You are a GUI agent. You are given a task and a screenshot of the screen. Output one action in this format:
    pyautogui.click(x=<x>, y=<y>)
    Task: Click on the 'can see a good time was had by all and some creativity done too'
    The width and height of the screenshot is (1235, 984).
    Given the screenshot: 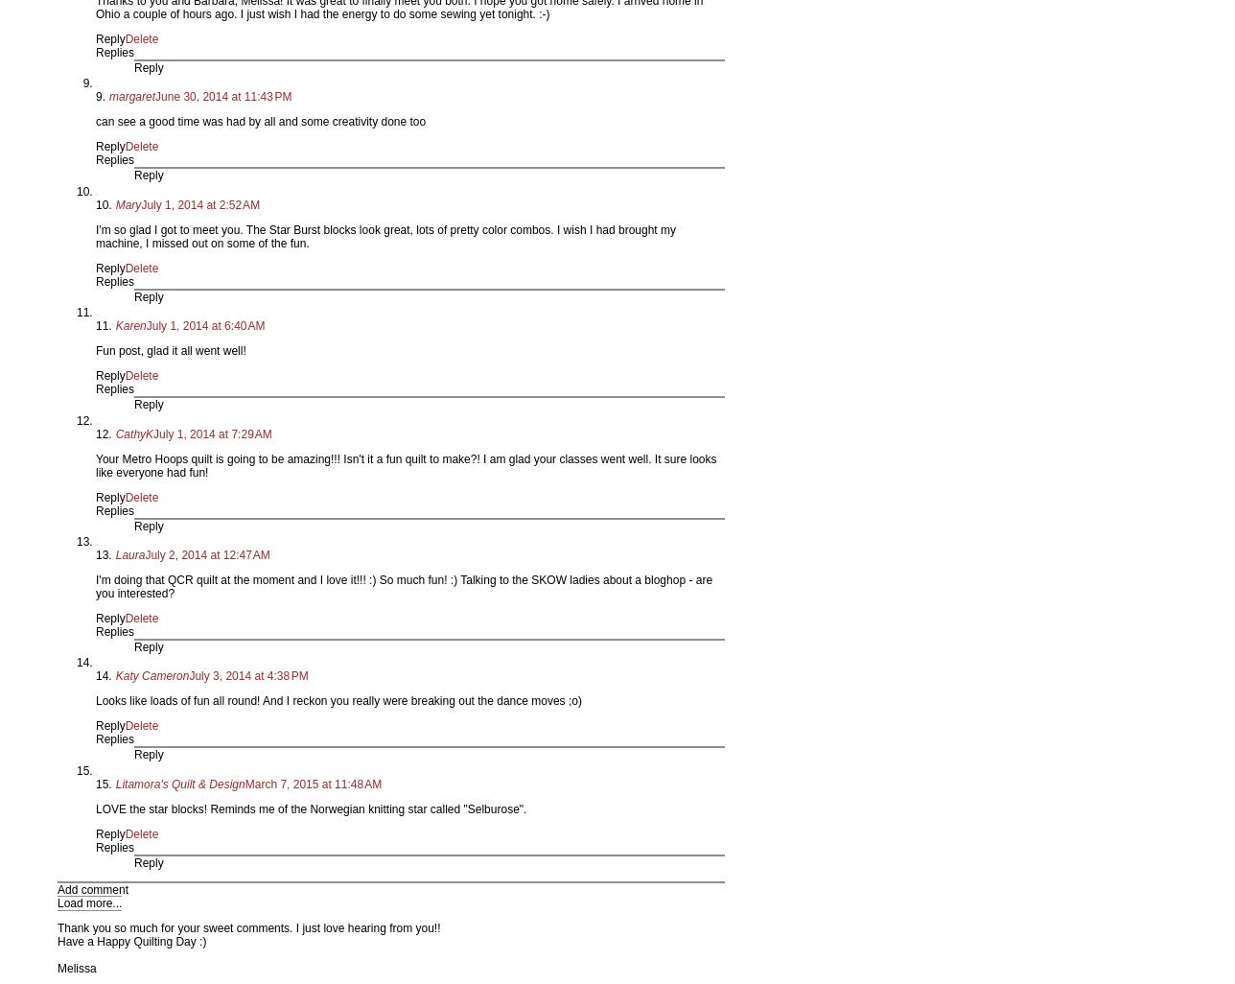 What is the action you would take?
    pyautogui.click(x=261, y=122)
    